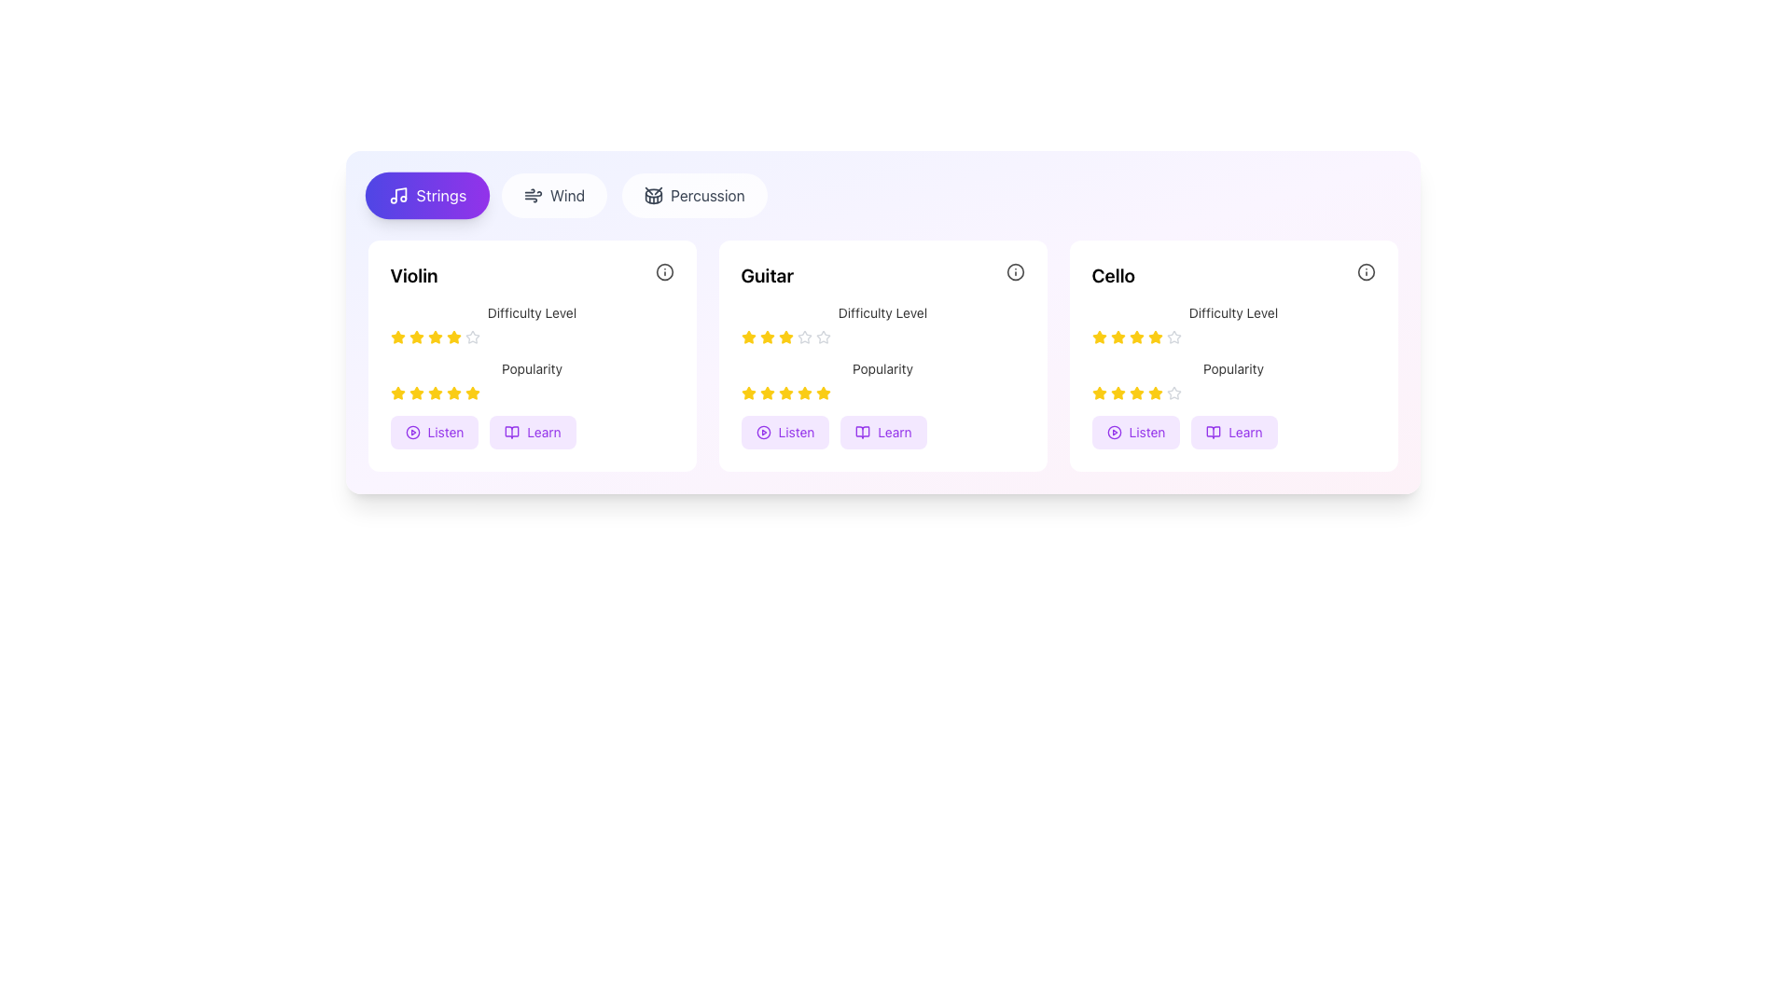 The width and height of the screenshot is (1791, 1007). Describe the element at coordinates (397, 195) in the screenshot. I see `the icon representing the category related to musical strings or instruments, located to the left of the 'Strings' button in the top-left corner of the interface` at that location.